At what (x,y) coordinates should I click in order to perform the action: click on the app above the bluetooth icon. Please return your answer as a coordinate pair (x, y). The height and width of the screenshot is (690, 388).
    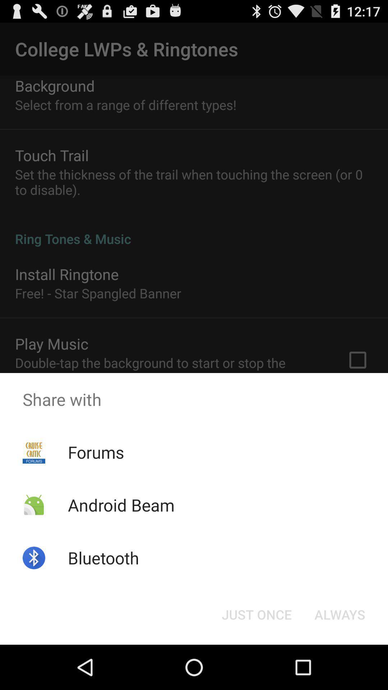
    Looking at the image, I should click on (121, 505).